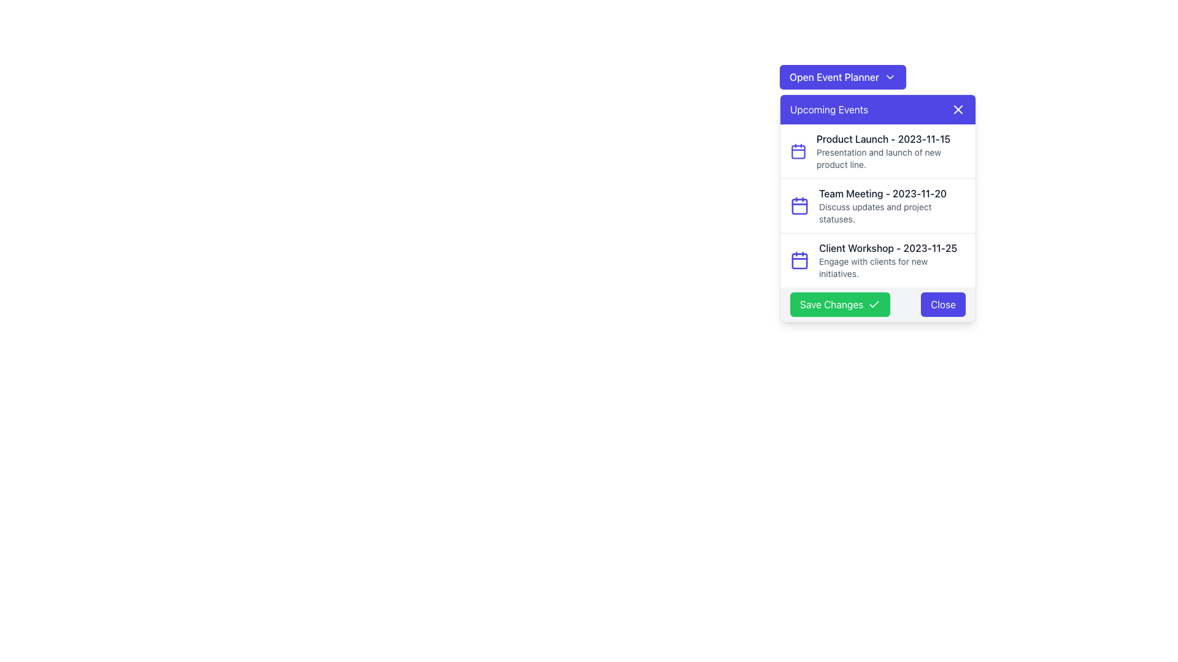 The height and width of the screenshot is (662, 1178). I want to click on the 'Save' button located in the bottom bar of the dialog box to trigger hover effects, so click(839, 304).